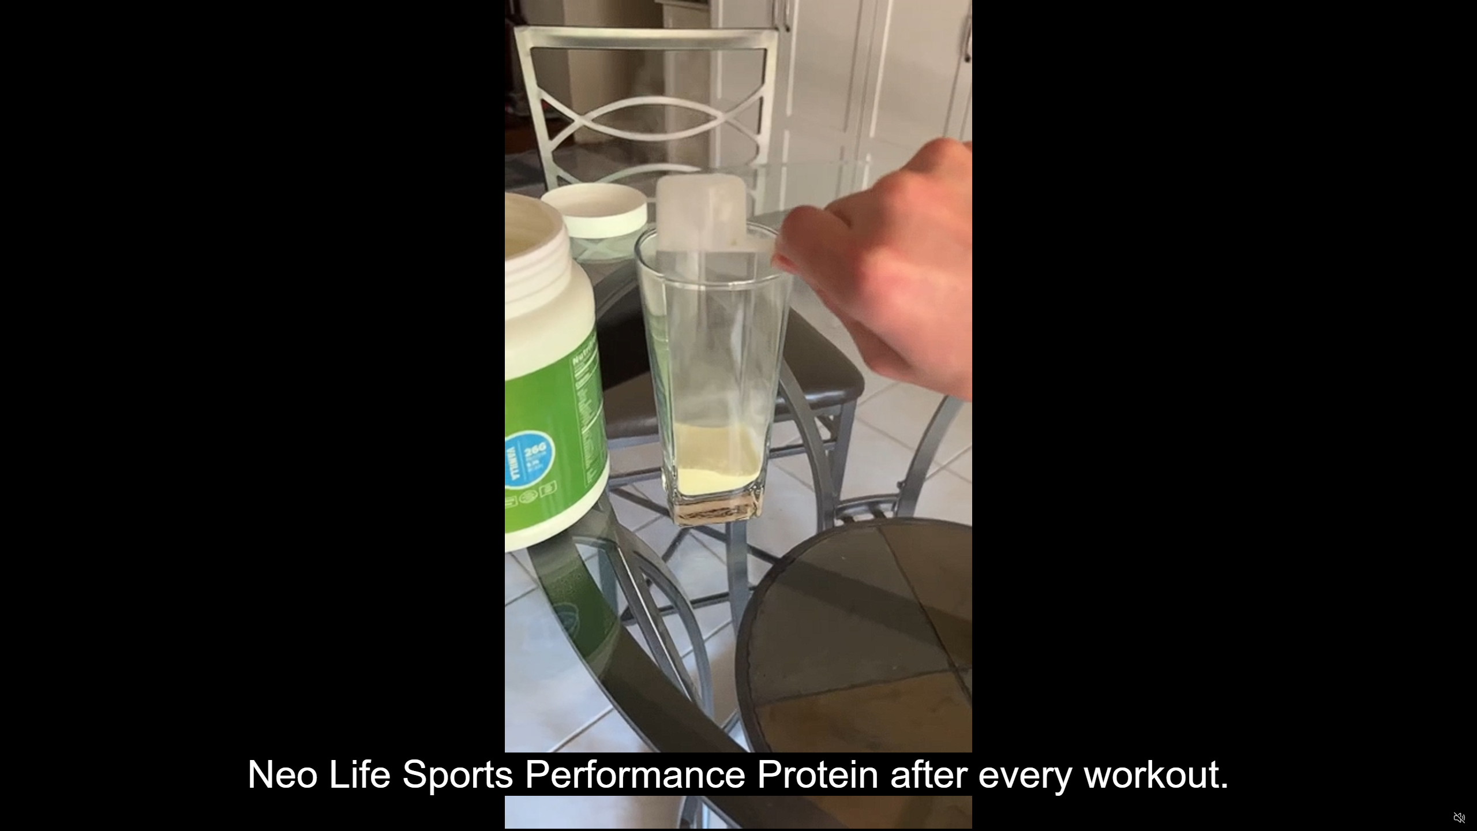 The height and width of the screenshot is (831, 1477). What do you see at coordinates (1390, 818) in the screenshot?
I see `'Quality Settings'` at bounding box center [1390, 818].